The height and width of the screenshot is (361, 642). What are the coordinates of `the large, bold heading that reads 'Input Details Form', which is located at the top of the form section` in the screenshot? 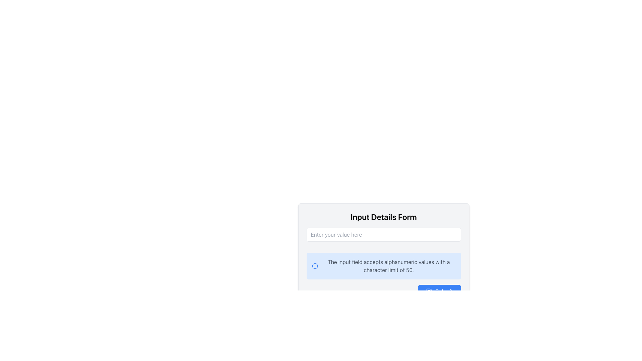 It's located at (384, 217).